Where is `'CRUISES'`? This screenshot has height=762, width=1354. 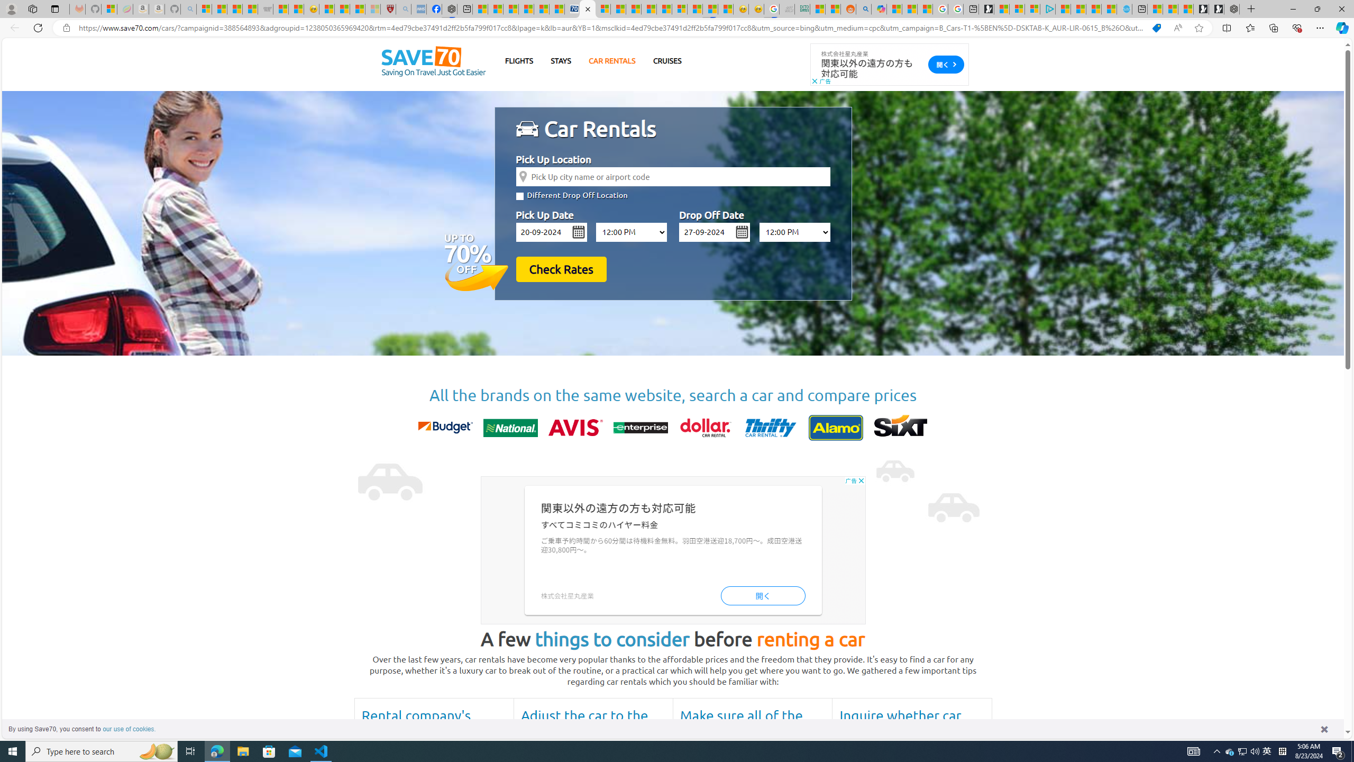
'CRUISES' is located at coordinates (666, 60).